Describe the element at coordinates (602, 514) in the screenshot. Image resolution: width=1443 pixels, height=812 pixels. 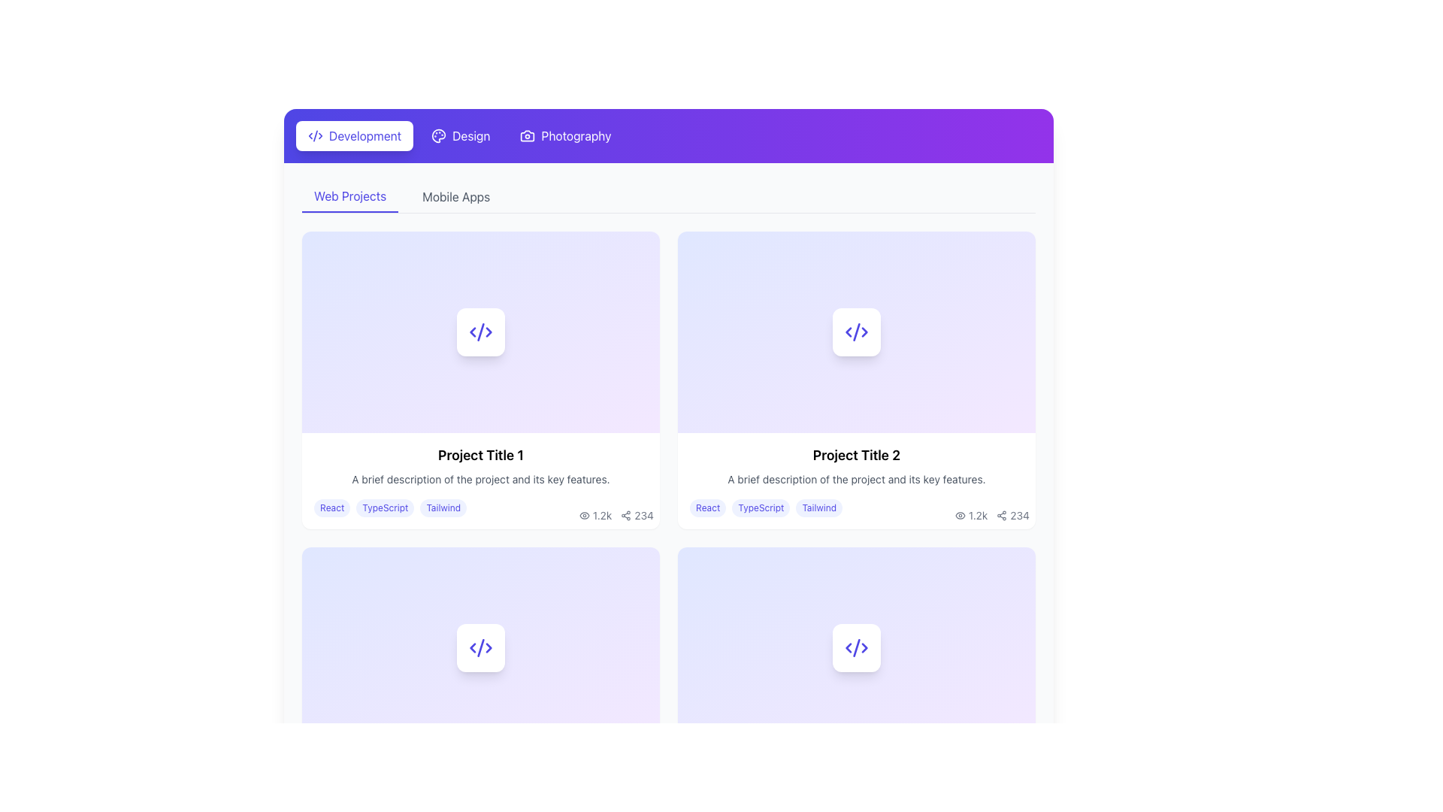
I see `numeric value displayed in gray, which follows an eye icon in the bottom-right corner of the card labeled 'Project Title 2'` at that location.